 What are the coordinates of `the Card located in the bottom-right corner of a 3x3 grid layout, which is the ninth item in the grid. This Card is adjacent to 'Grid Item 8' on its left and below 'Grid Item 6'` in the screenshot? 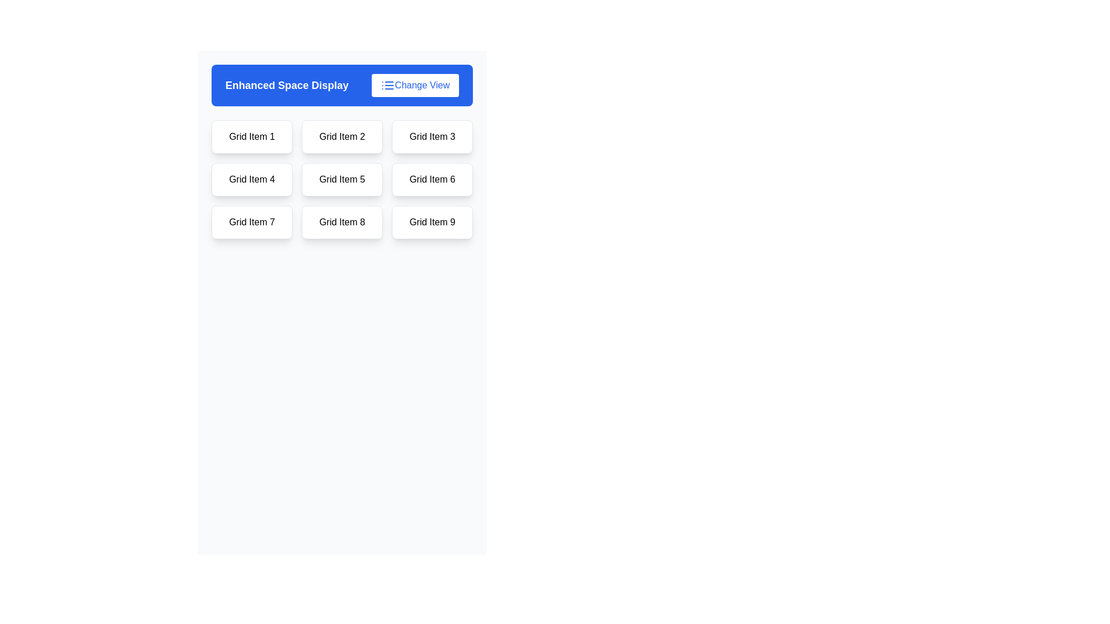 It's located at (432, 222).